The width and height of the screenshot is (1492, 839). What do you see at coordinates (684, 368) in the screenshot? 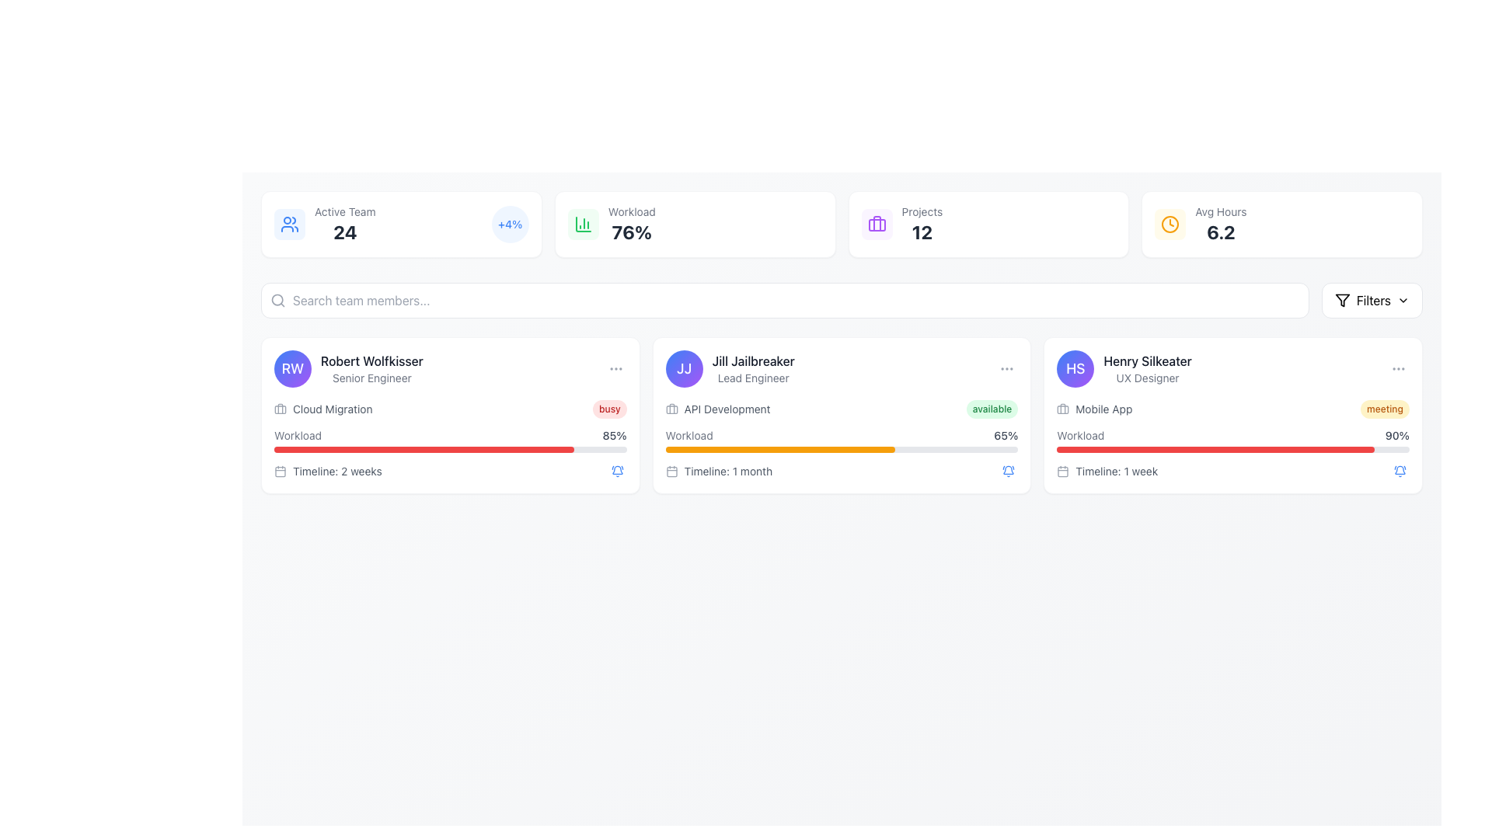
I see `the circular profile icon featuring the initials 'JJ' in white text, located to the left of the grouped section containing 'Jill Jailbreaker' and 'Lead Engineer'` at bounding box center [684, 368].